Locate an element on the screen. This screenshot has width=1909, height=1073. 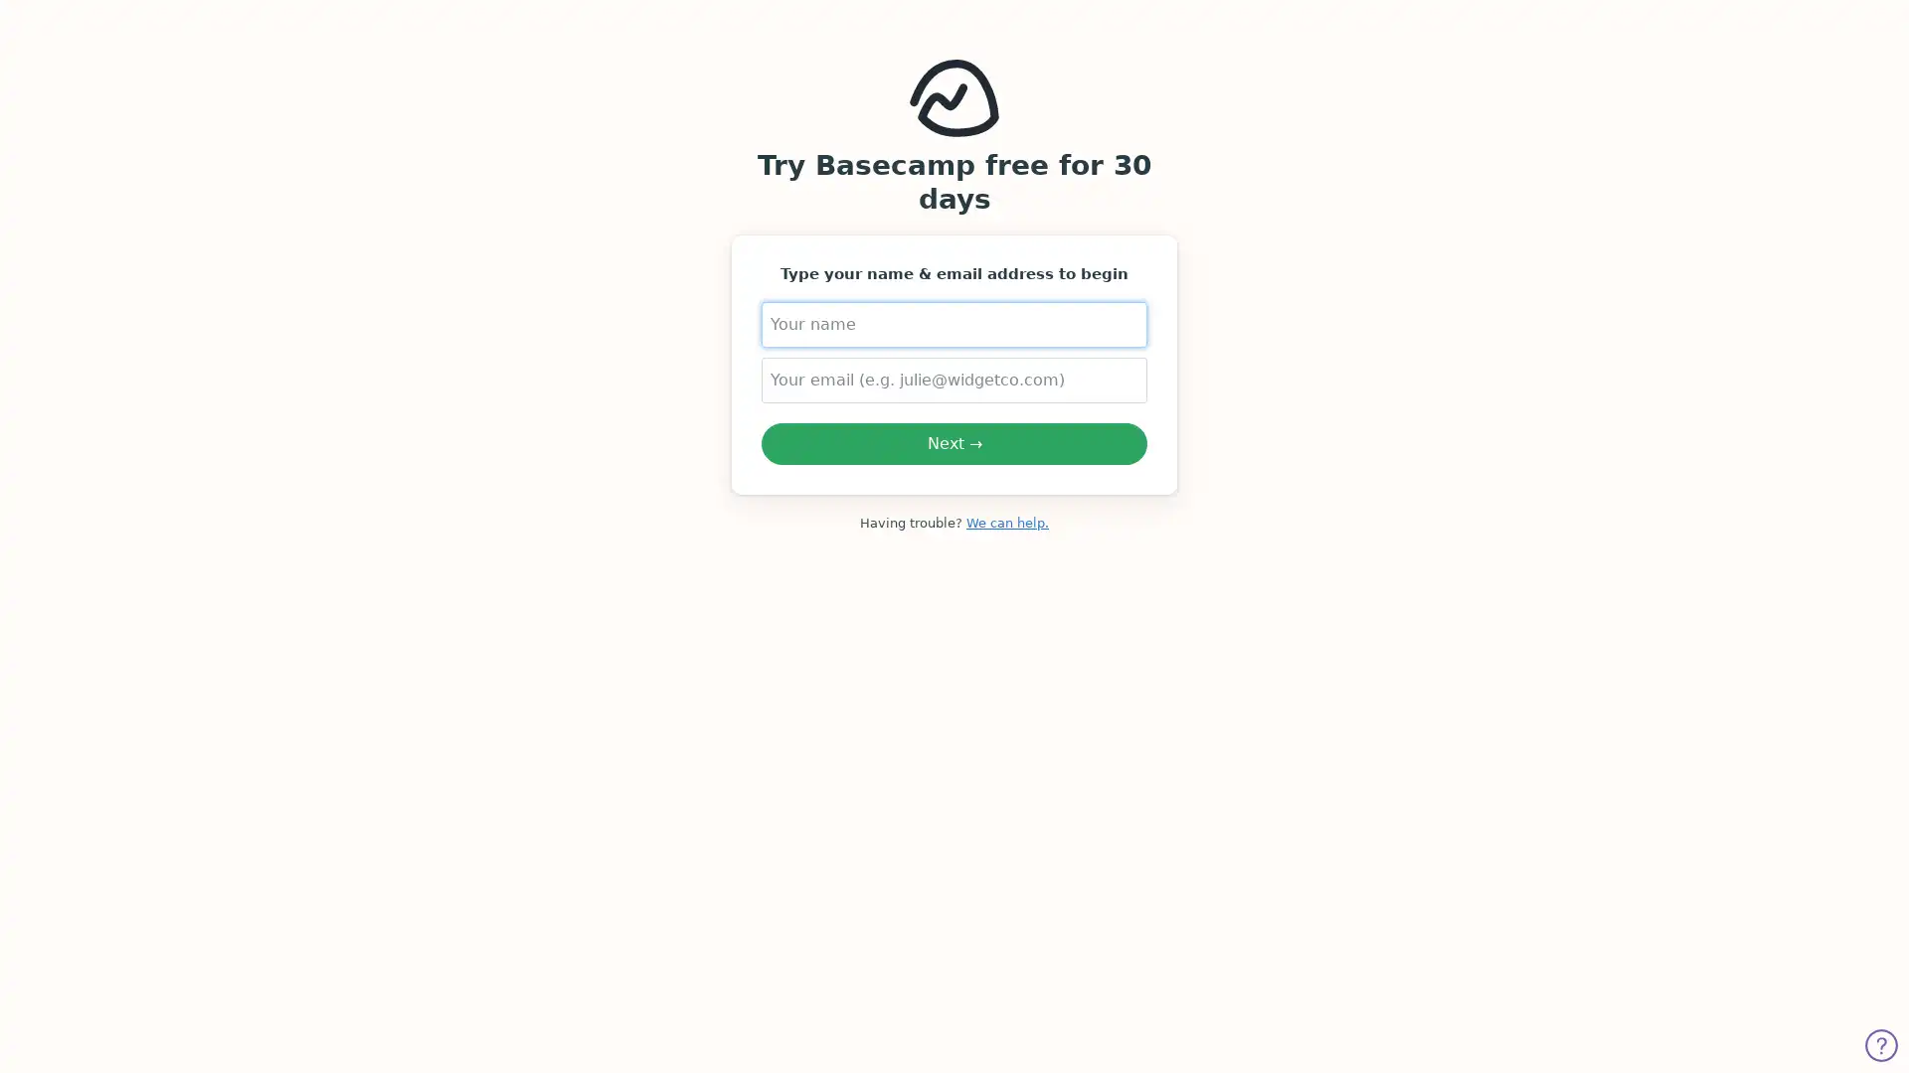
Next is located at coordinates (954, 442).